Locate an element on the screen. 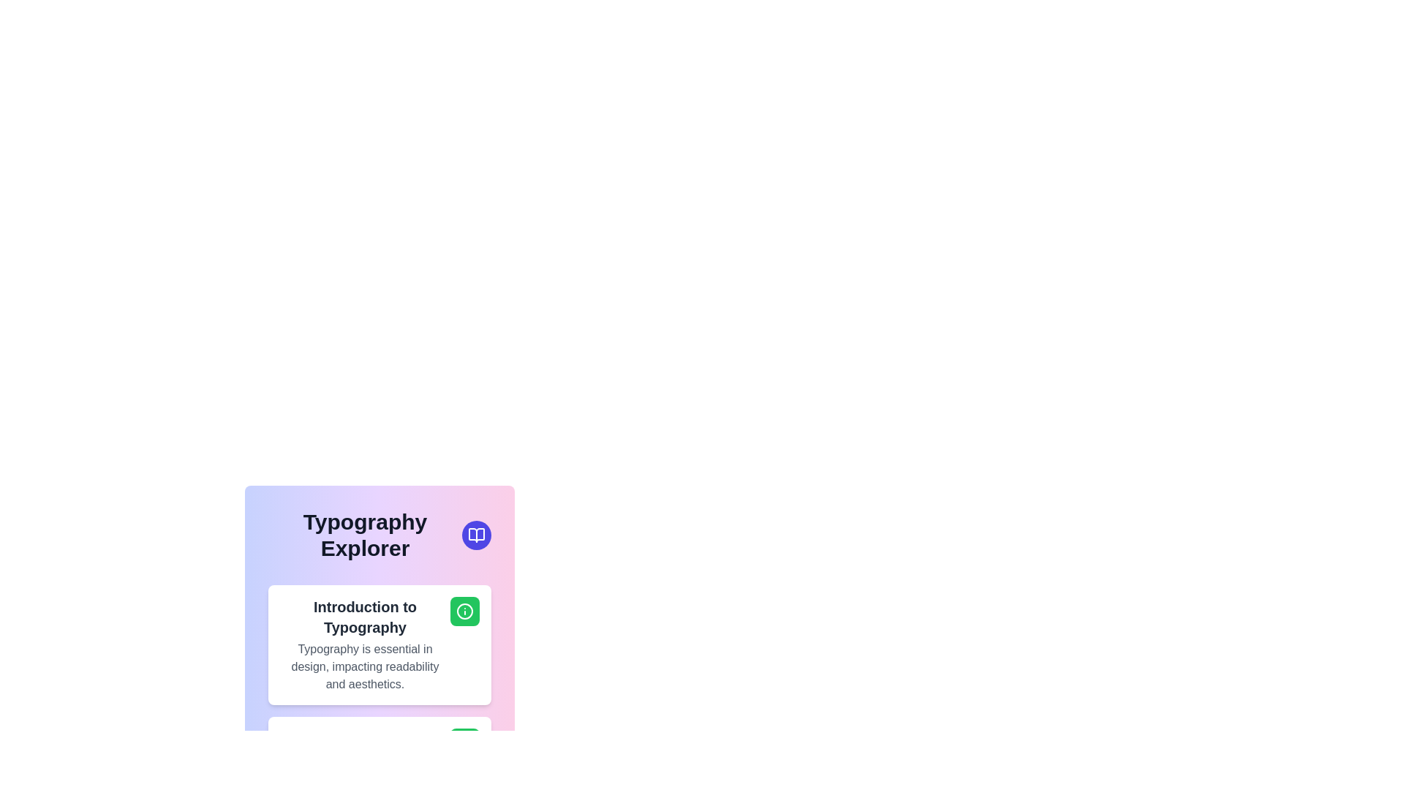 The width and height of the screenshot is (1404, 790). the Text Heading that serves as a title for the current interface section to trigger the tooltip or styling effect is located at coordinates (365, 535).